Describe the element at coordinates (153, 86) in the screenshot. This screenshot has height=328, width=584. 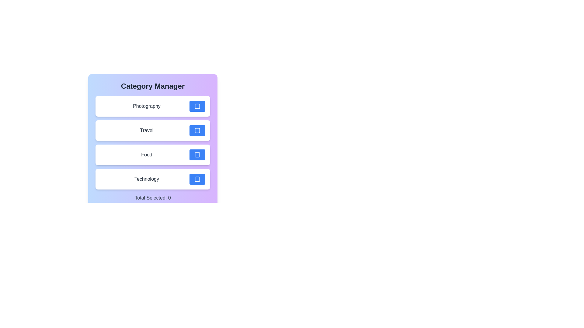
I see `the title 'Category Manager' to focus on the header area` at that location.